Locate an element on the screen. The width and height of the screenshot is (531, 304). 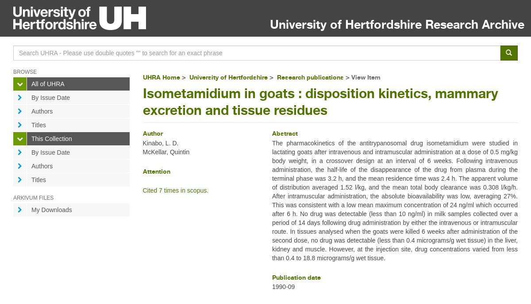
'This Collection' is located at coordinates (51, 139).